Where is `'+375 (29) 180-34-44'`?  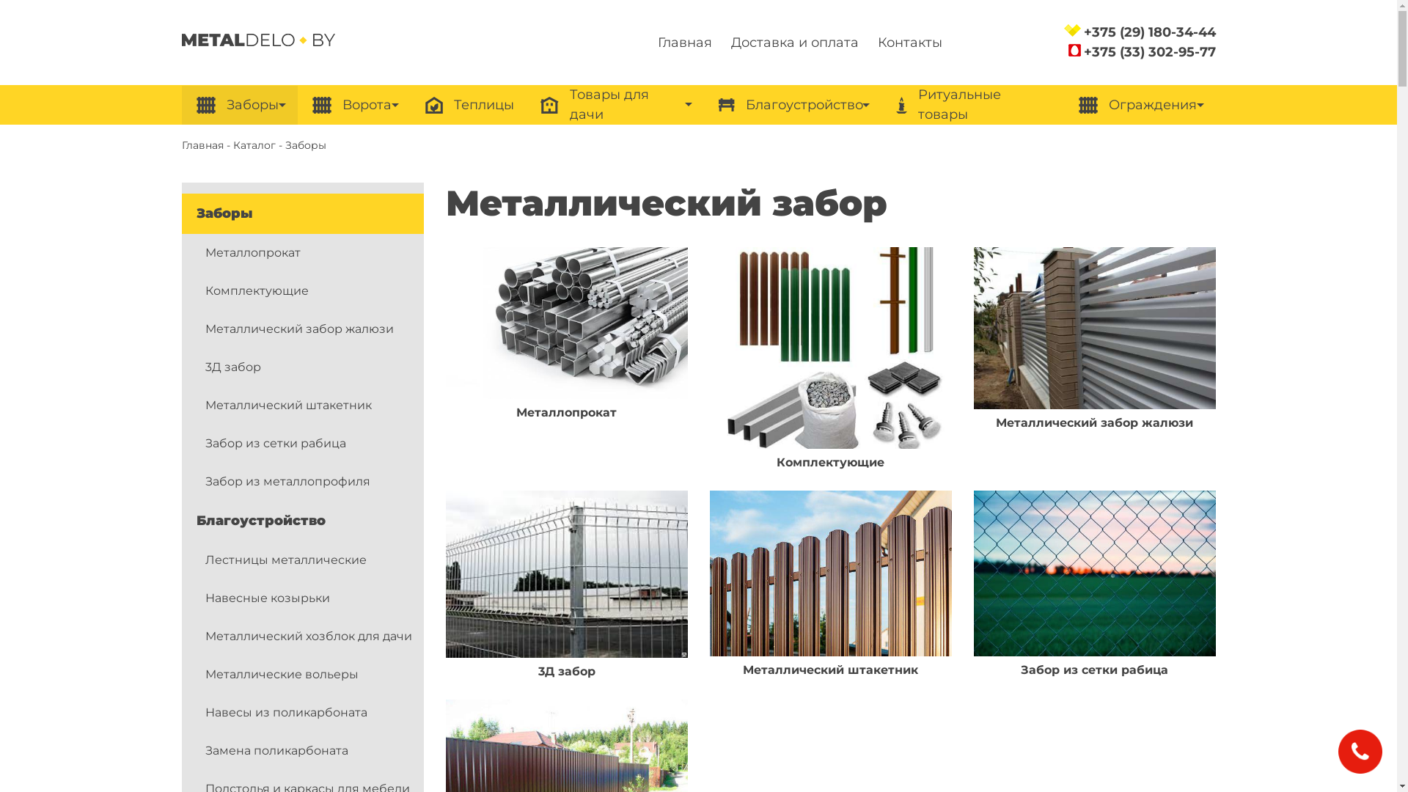
'+375 (29) 180-34-44' is located at coordinates (1149, 32).